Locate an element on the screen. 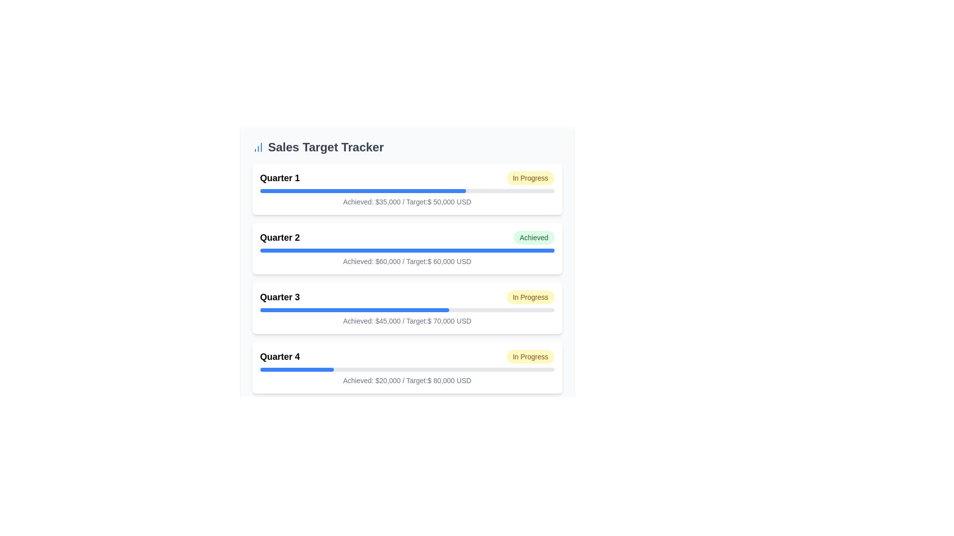  text 'Quarter 3' from the prominent header displayed in bold within the 'Sales Target Tracker' section is located at coordinates (279, 296).